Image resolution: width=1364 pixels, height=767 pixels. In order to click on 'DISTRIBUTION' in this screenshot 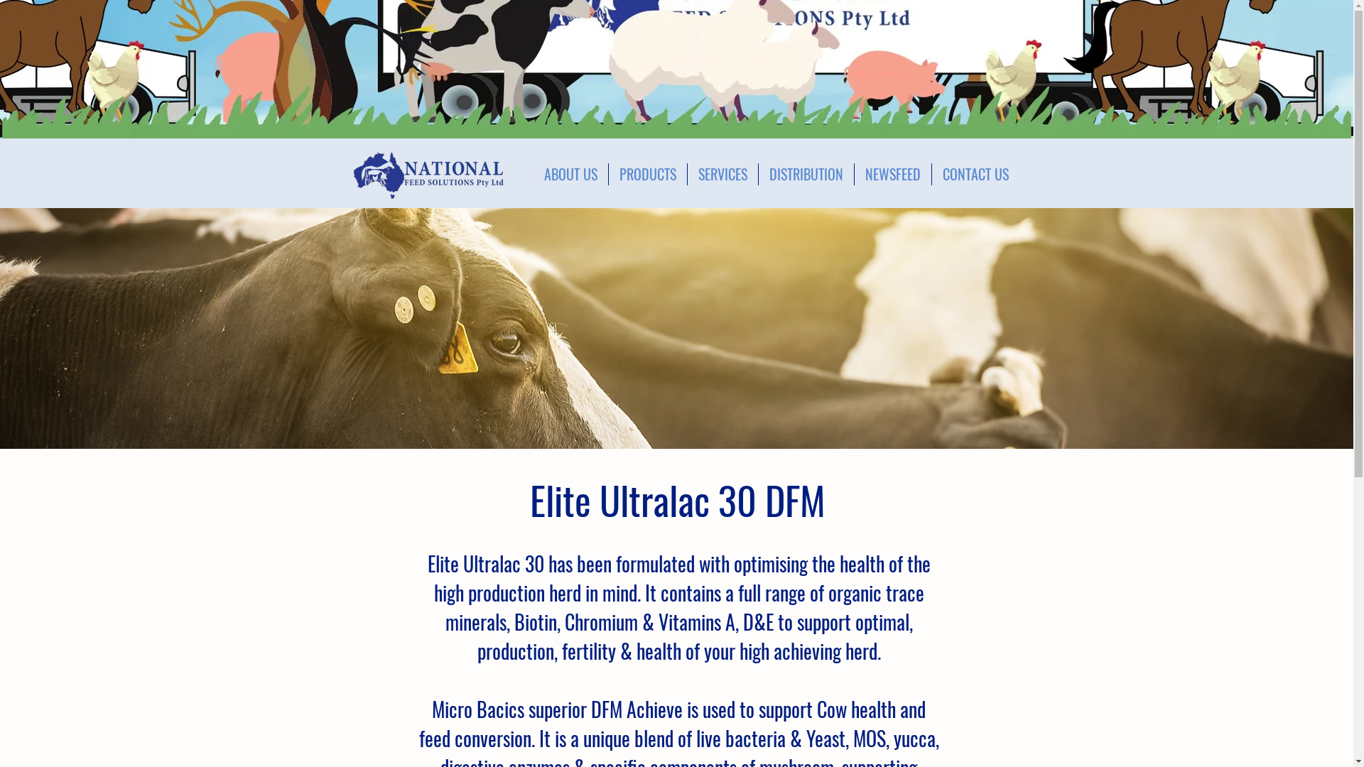, I will do `click(758, 173)`.